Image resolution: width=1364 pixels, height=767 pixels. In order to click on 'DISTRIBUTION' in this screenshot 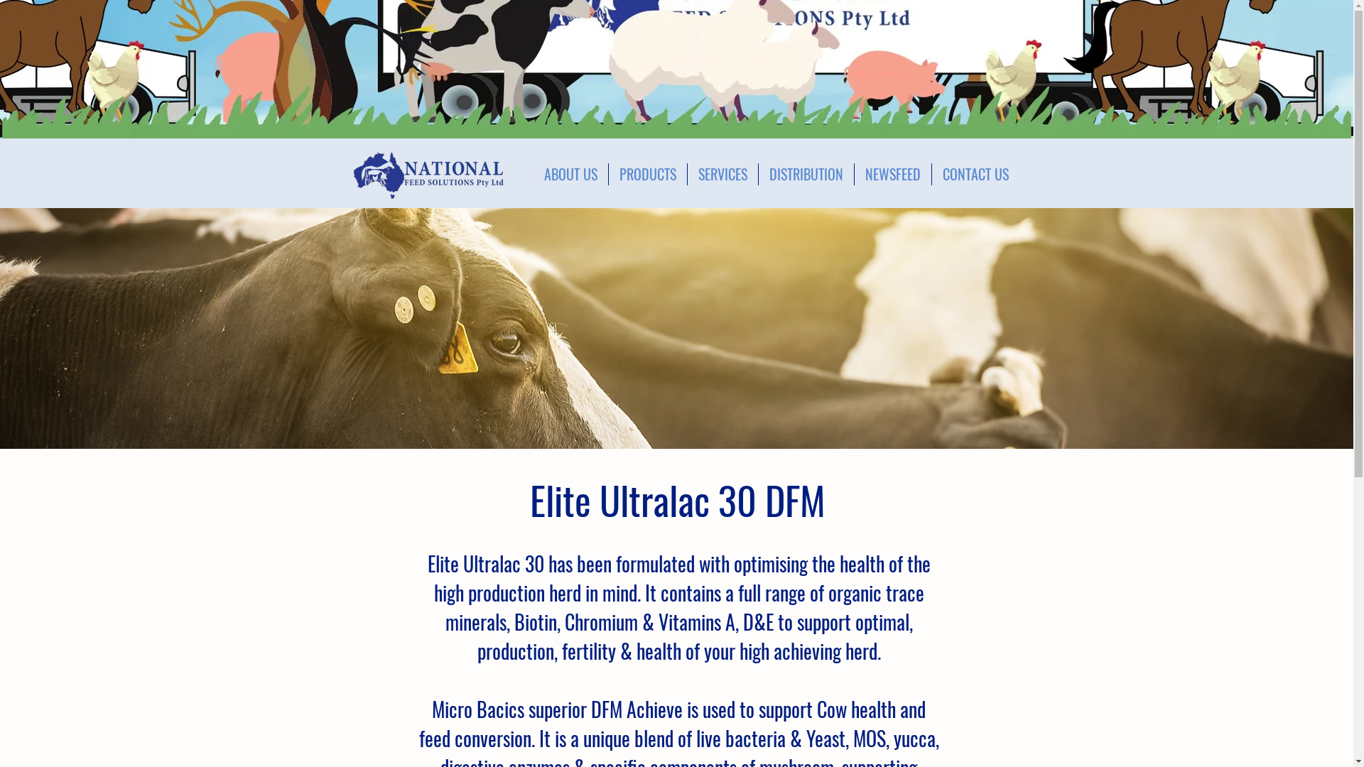, I will do `click(758, 173)`.